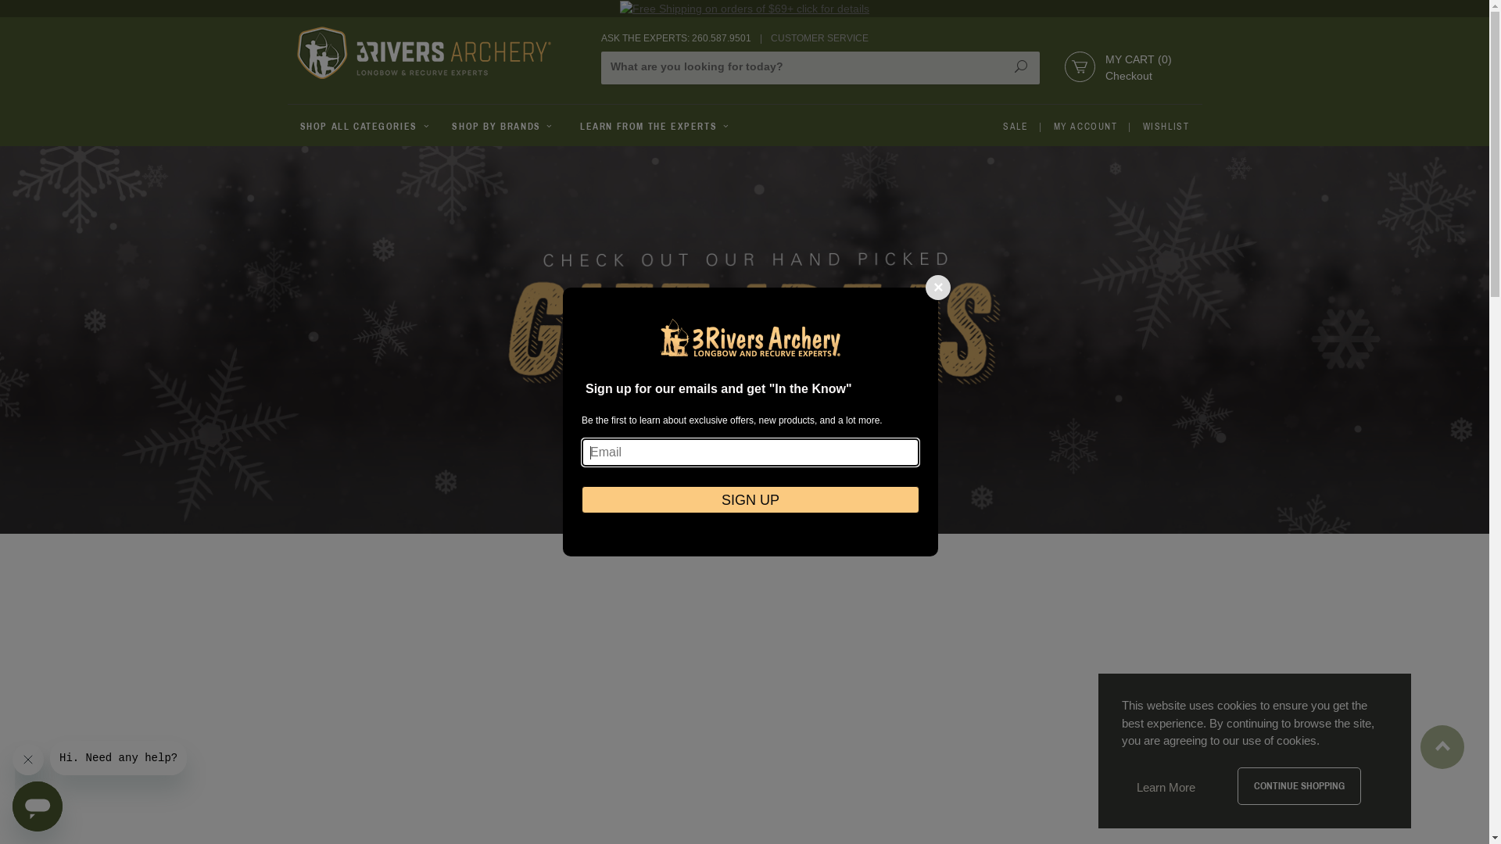 The height and width of the screenshot is (844, 1501). What do you see at coordinates (819, 38) in the screenshot?
I see `'CUSTOMER SERVICE'` at bounding box center [819, 38].